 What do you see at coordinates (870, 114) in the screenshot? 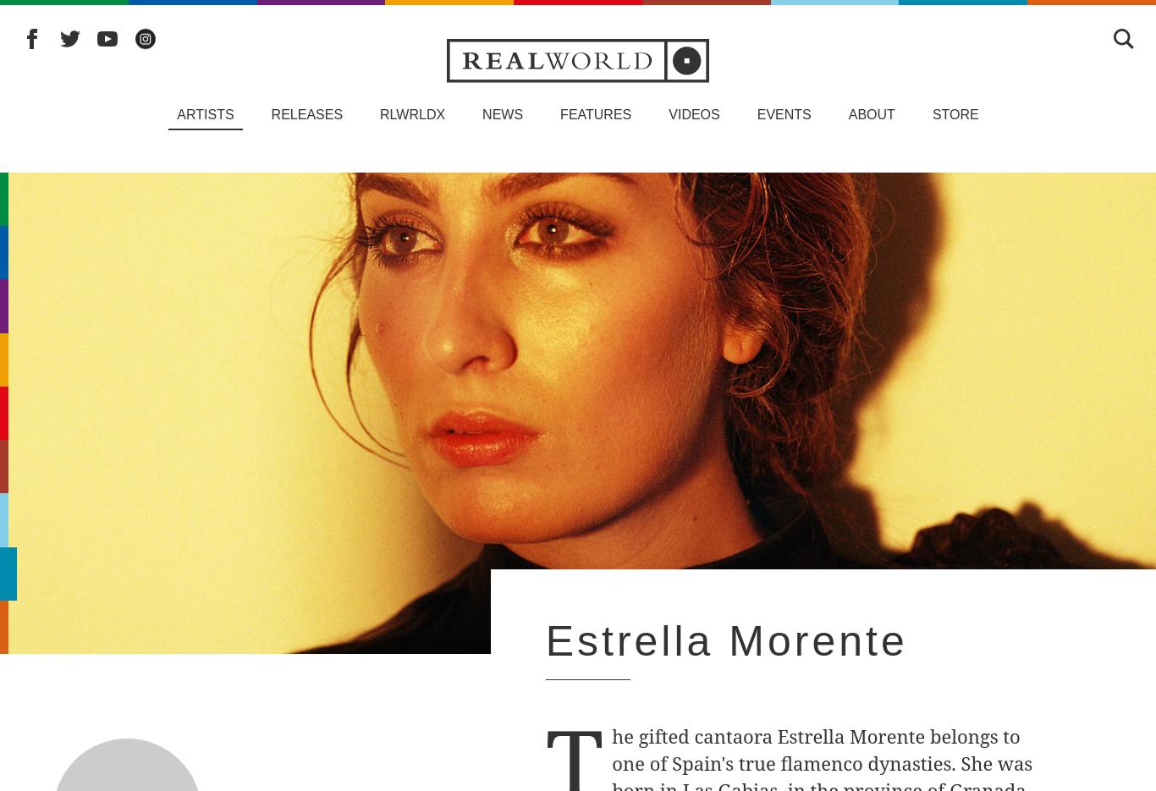
I see `'About'` at bounding box center [870, 114].